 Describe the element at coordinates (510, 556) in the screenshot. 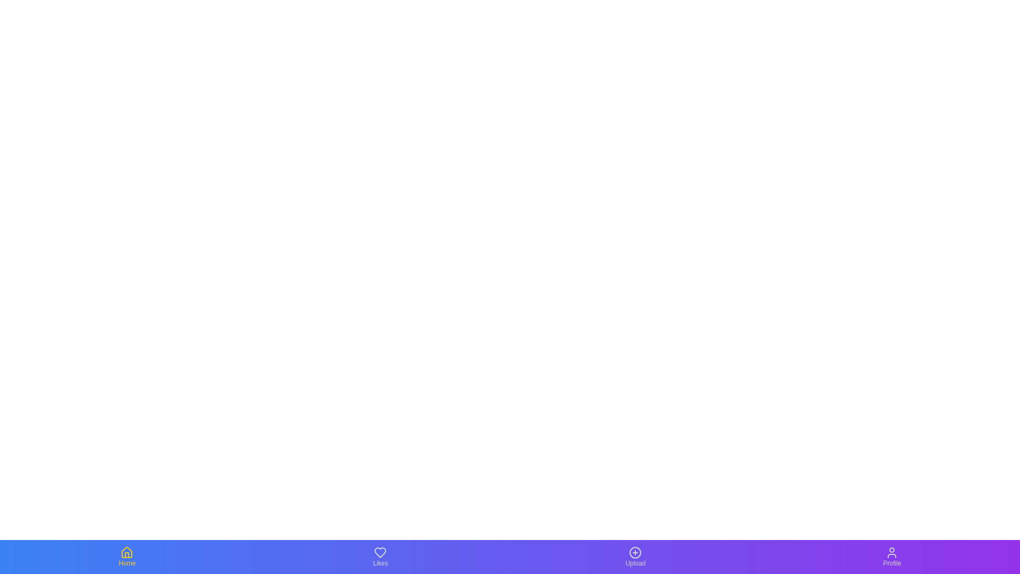

I see `the gradient background to inspect its properties` at that location.